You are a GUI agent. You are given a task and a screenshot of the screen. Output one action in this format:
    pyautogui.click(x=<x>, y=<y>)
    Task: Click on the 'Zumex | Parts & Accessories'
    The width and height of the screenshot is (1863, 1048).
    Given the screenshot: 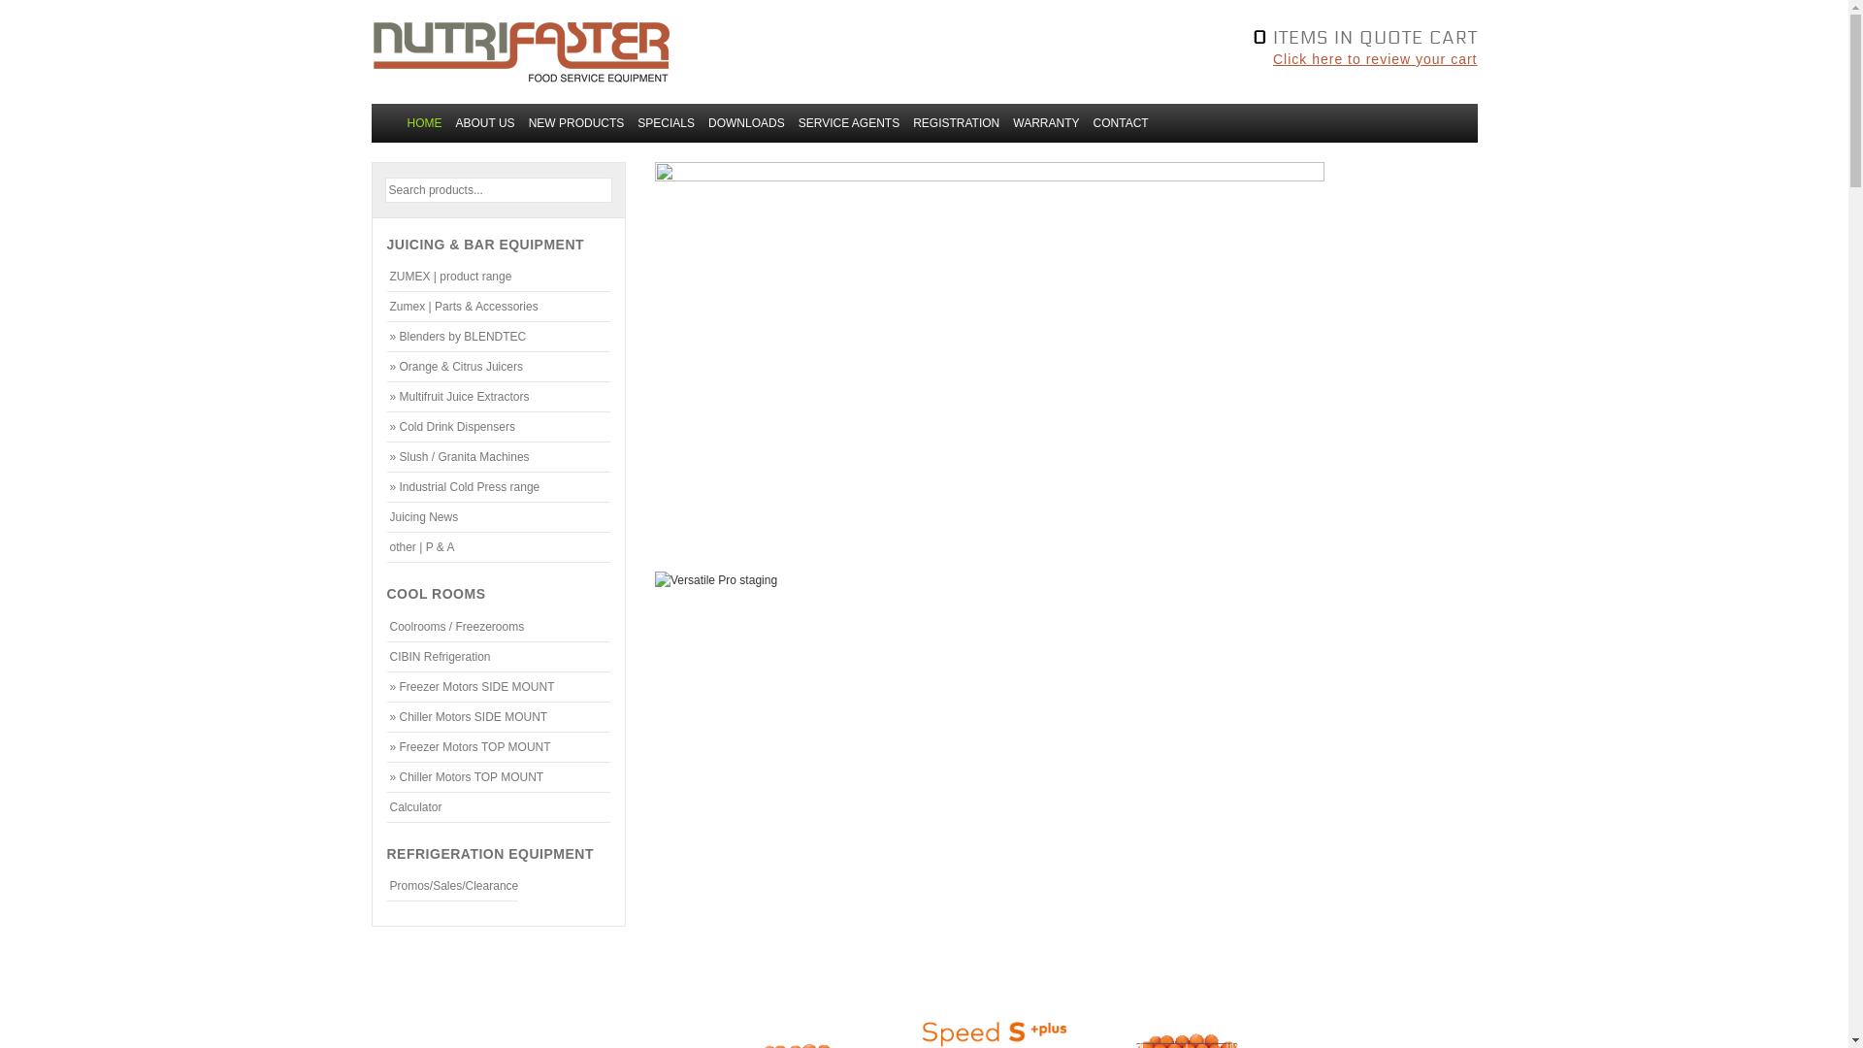 What is the action you would take?
    pyautogui.click(x=498, y=306)
    